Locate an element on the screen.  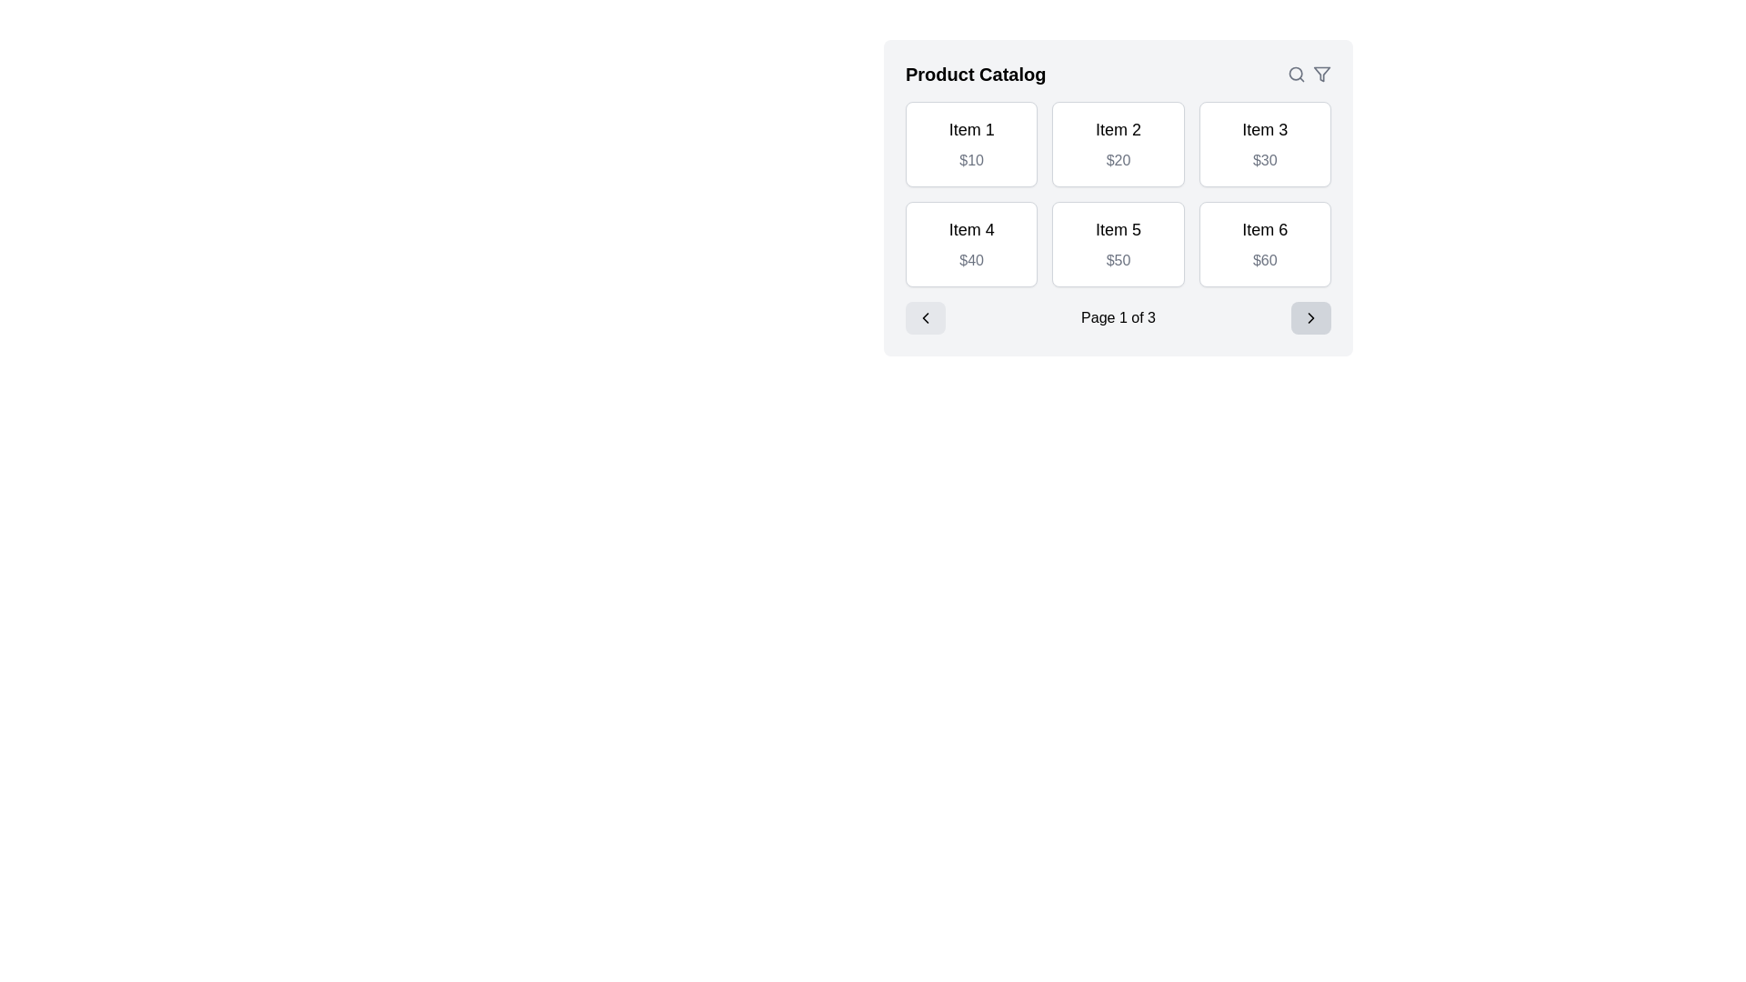
the forward navigation arrow icon located within a rounded rectangular button at the bottom-right corner of the product catalog card is located at coordinates (1310, 317).